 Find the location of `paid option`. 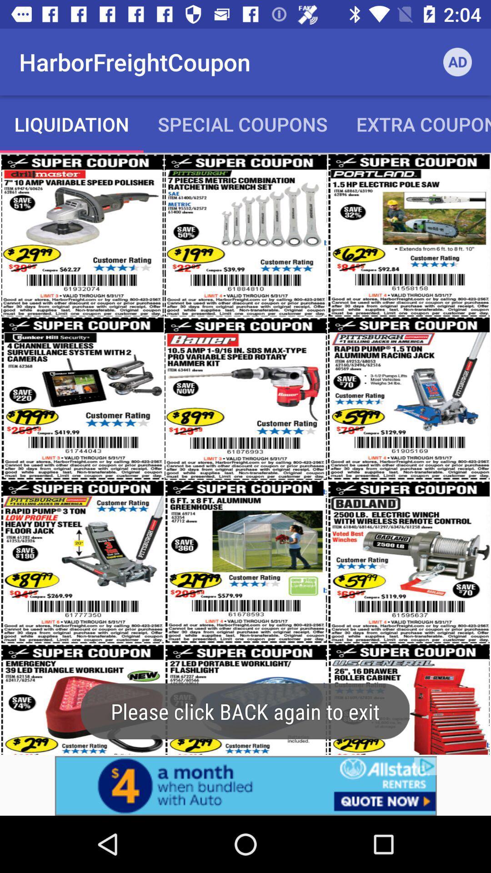

paid option is located at coordinates (245, 785).